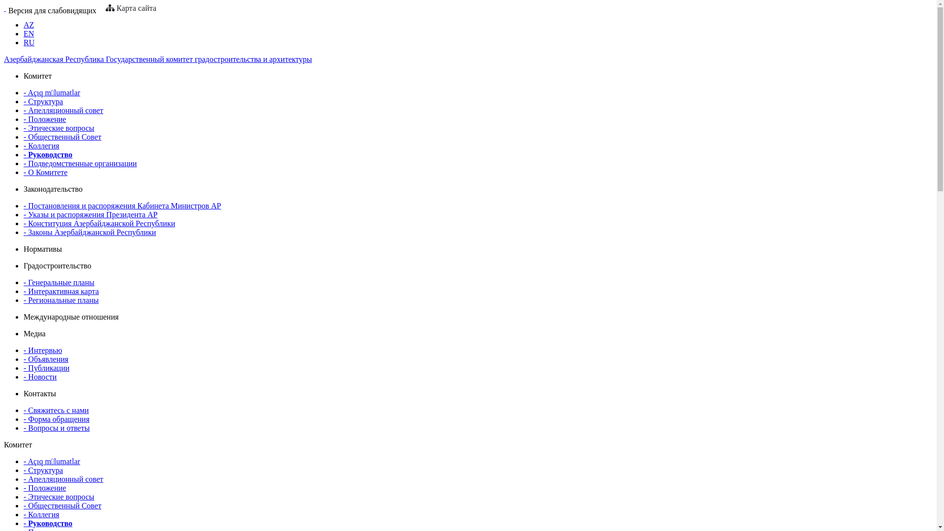 This screenshot has width=944, height=531. Describe the element at coordinates (29, 42) in the screenshot. I see `'RU'` at that location.